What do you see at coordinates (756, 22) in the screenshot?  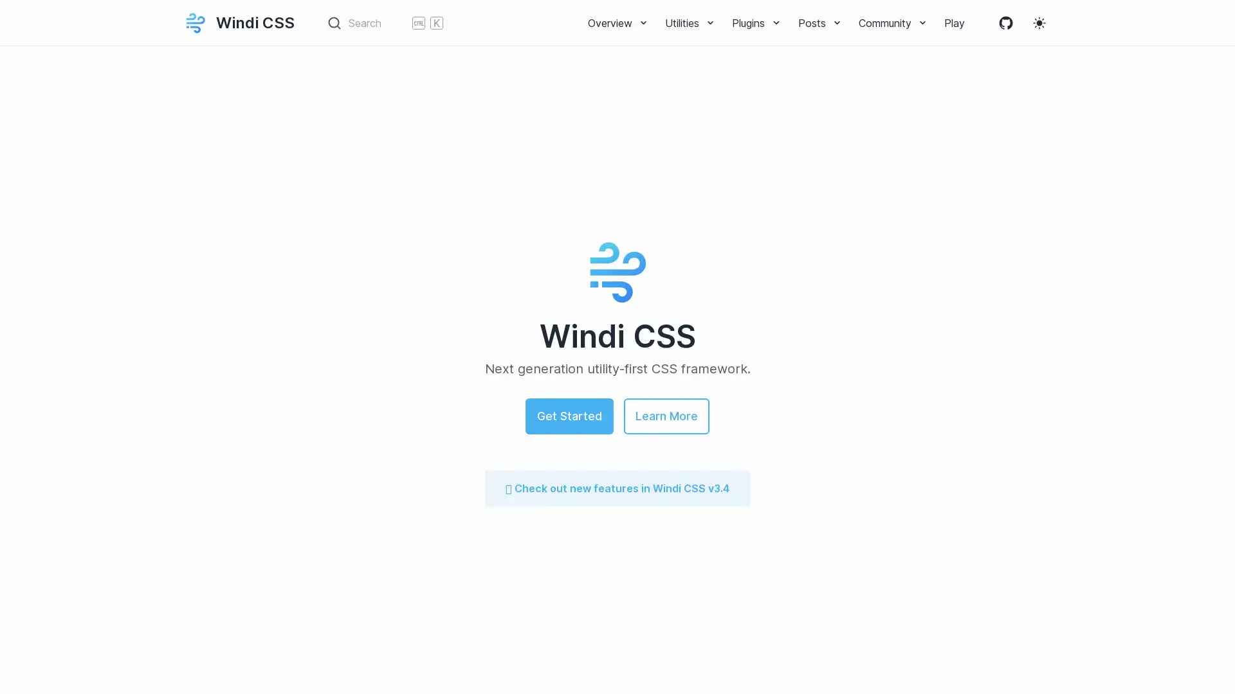 I see `Plugins` at bounding box center [756, 22].